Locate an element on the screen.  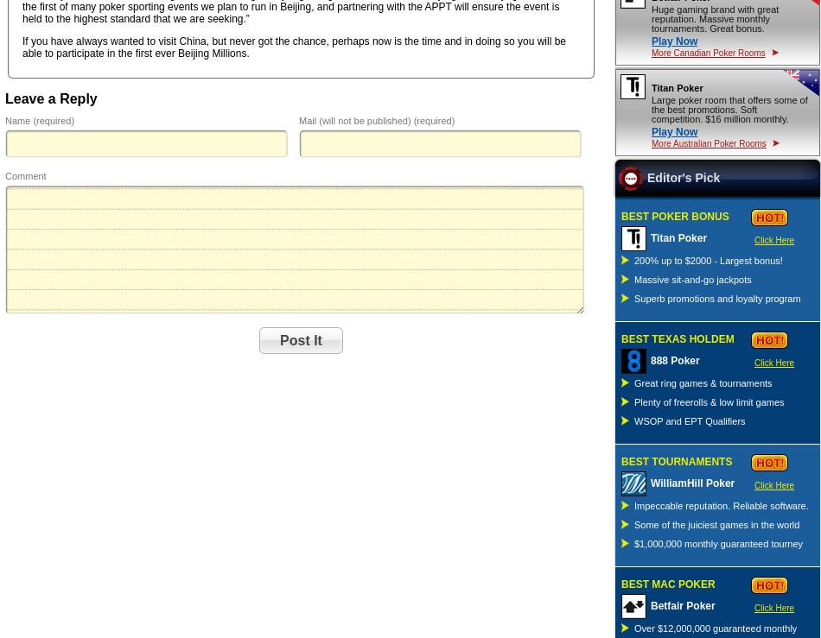
'More Australian Poker Rooms' is located at coordinates (708, 142).